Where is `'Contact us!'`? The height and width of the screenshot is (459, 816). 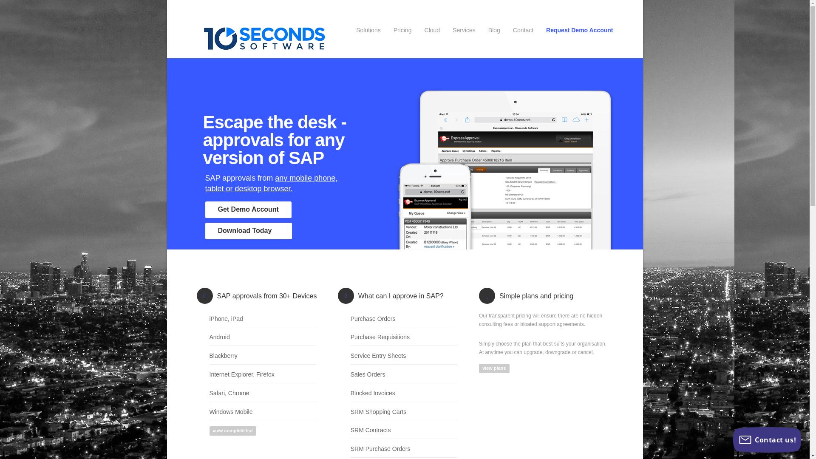 'Contact us!' is located at coordinates (767, 439).